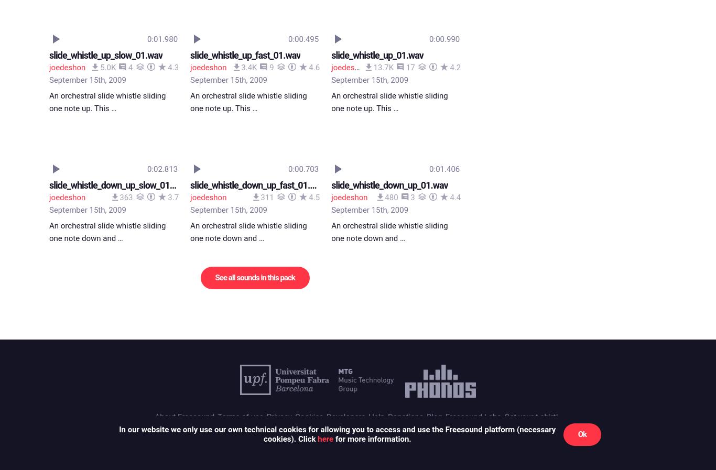  What do you see at coordinates (279, 17) in the screenshot?
I see `'Privacy'` at bounding box center [279, 17].